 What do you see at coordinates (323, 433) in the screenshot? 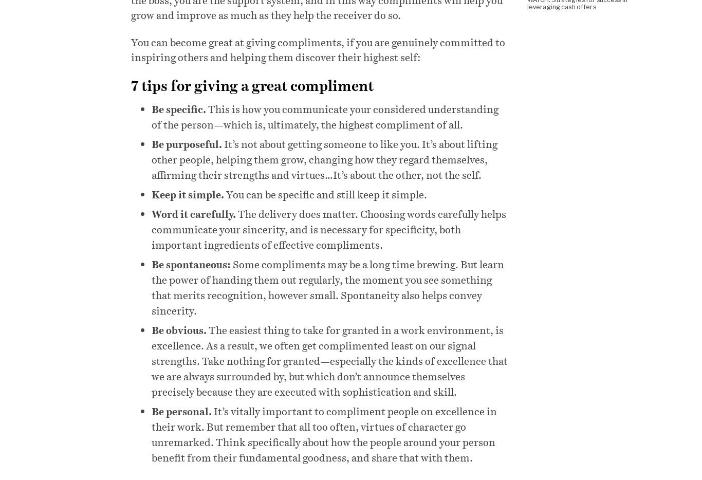
I see `'It’s vitally important to compliment people on excellence in their work. But remember that all too often, virtues of character go unremarked. Think specifically about how the people around your person benefit from their fundamental goodness, and share that with them.'` at bounding box center [323, 433].